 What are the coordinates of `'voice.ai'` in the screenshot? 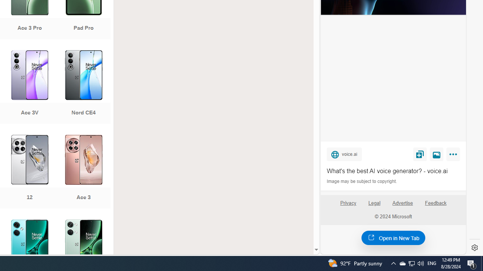 It's located at (344, 154).